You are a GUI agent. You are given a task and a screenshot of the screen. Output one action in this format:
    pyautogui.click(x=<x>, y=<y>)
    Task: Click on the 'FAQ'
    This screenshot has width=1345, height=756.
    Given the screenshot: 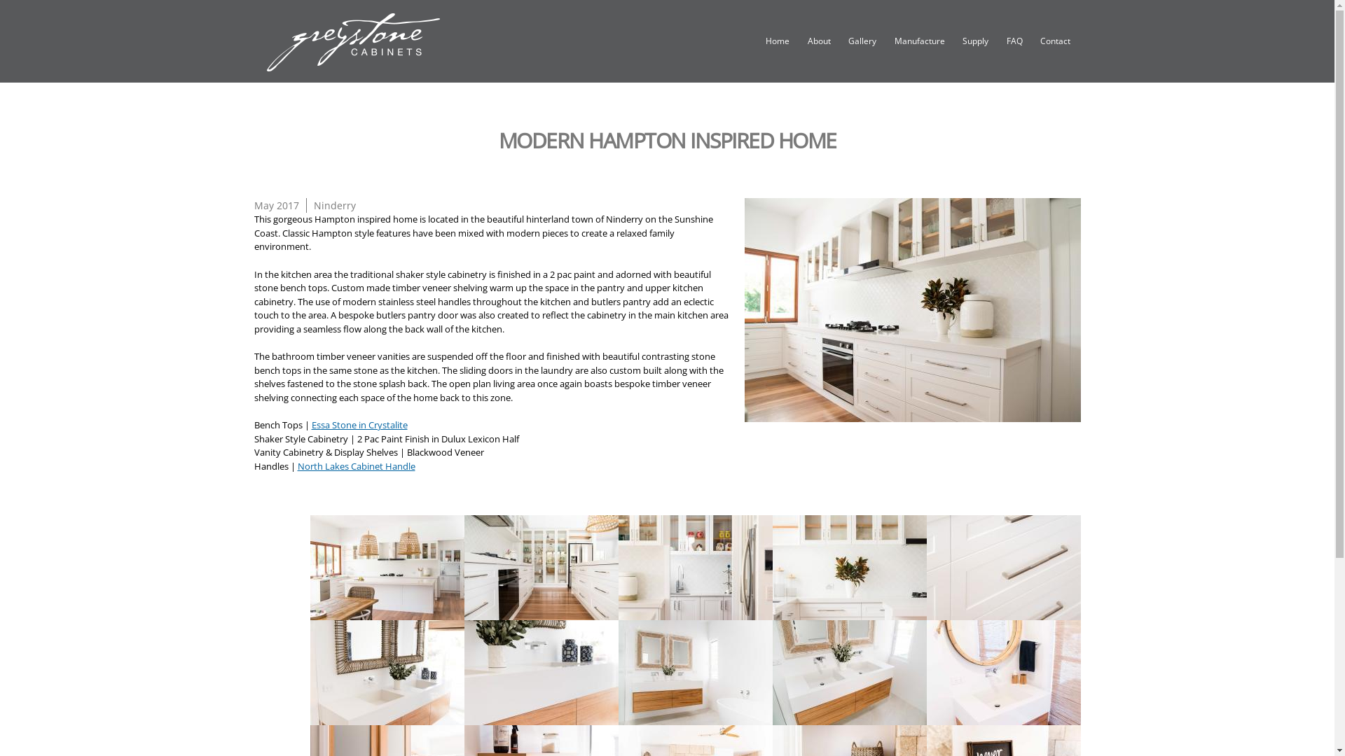 What is the action you would take?
    pyautogui.click(x=1002, y=41)
    